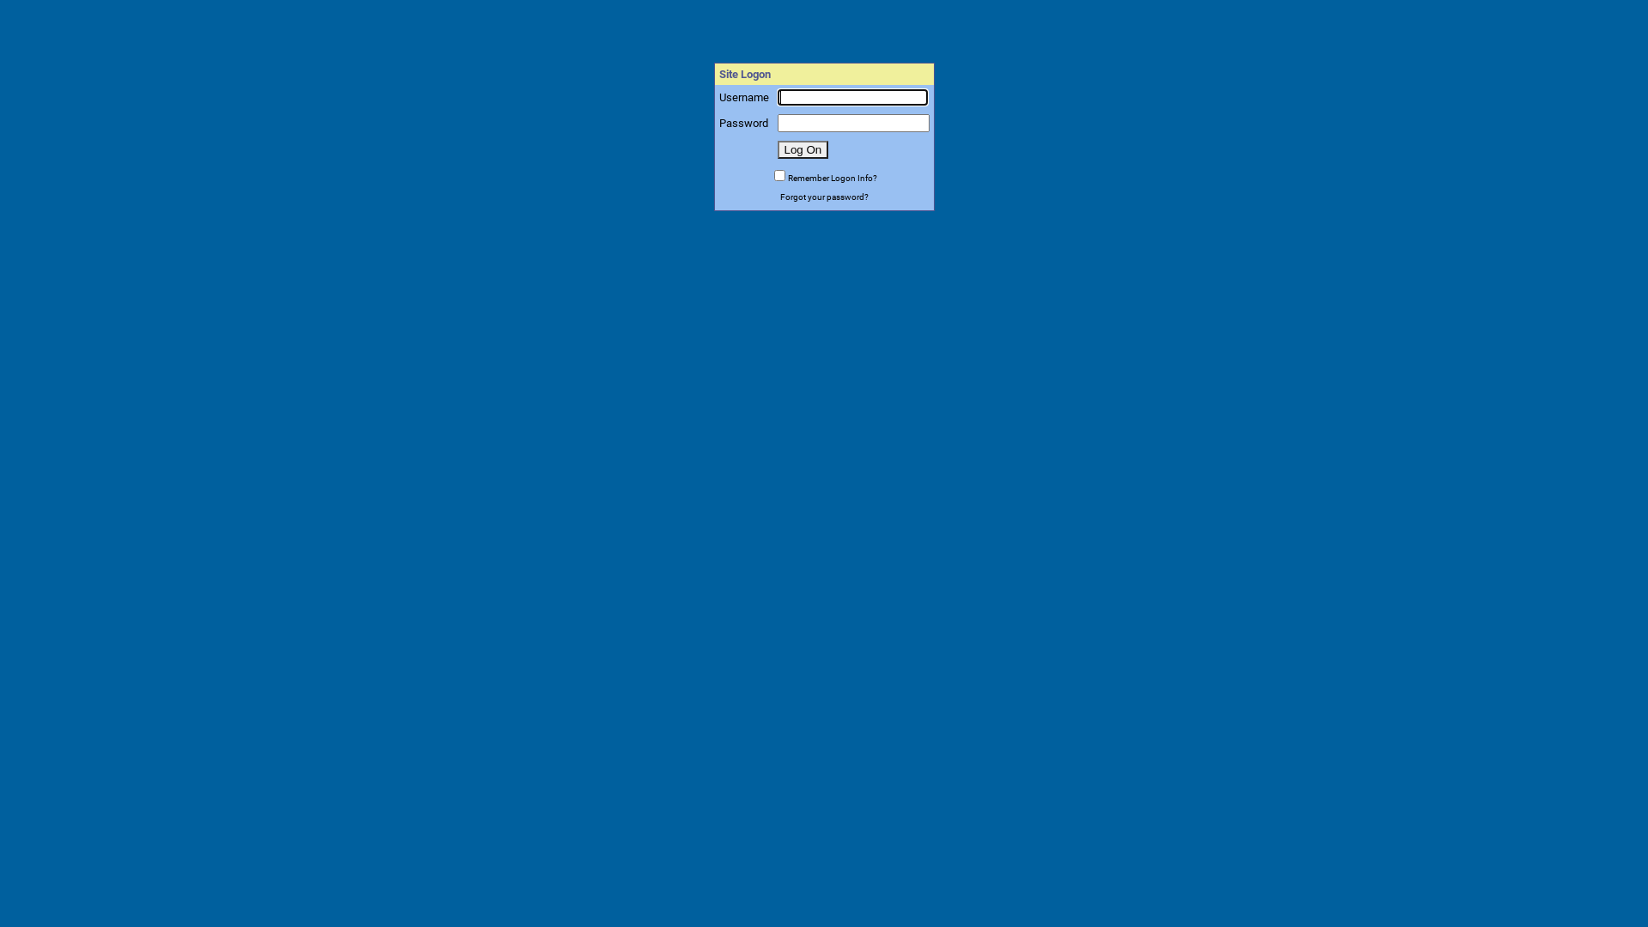  Describe the element at coordinates (822, 195) in the screenshot. I see `'Forgot your password?'` at that location.